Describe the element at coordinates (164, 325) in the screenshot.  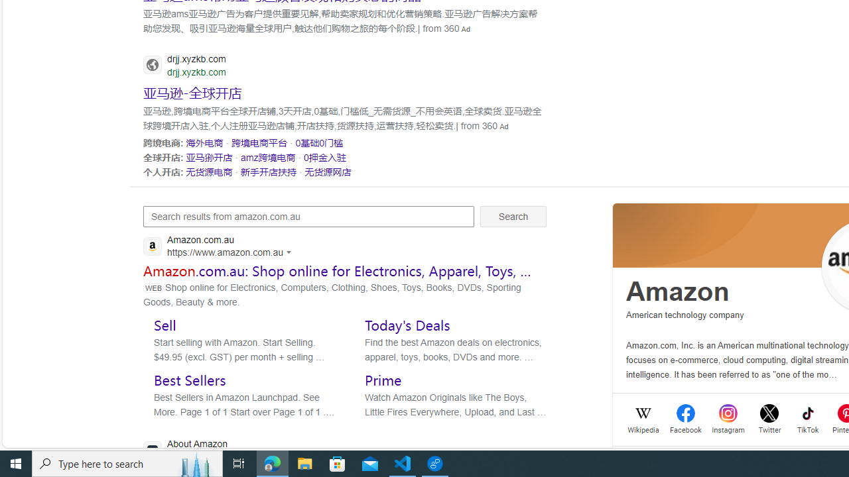
I see `'Sell'` at that location.